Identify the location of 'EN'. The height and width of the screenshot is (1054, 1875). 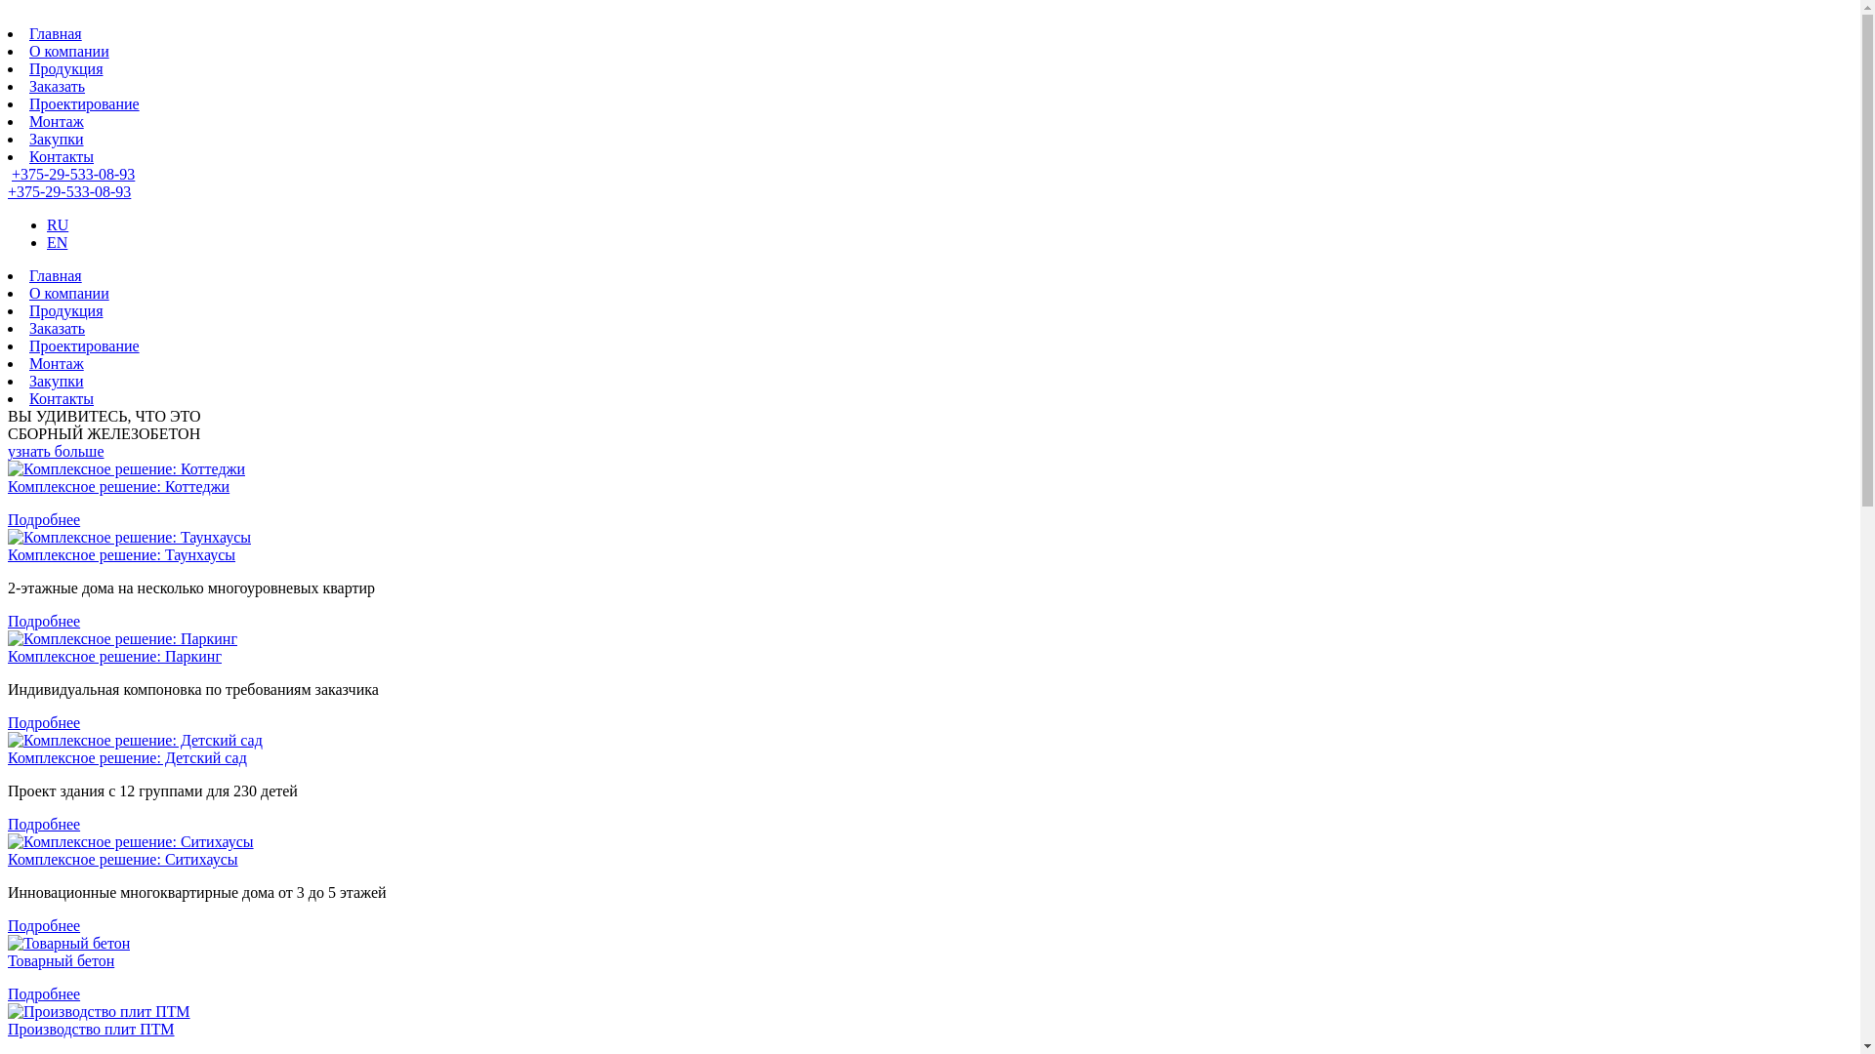
(57, 241).